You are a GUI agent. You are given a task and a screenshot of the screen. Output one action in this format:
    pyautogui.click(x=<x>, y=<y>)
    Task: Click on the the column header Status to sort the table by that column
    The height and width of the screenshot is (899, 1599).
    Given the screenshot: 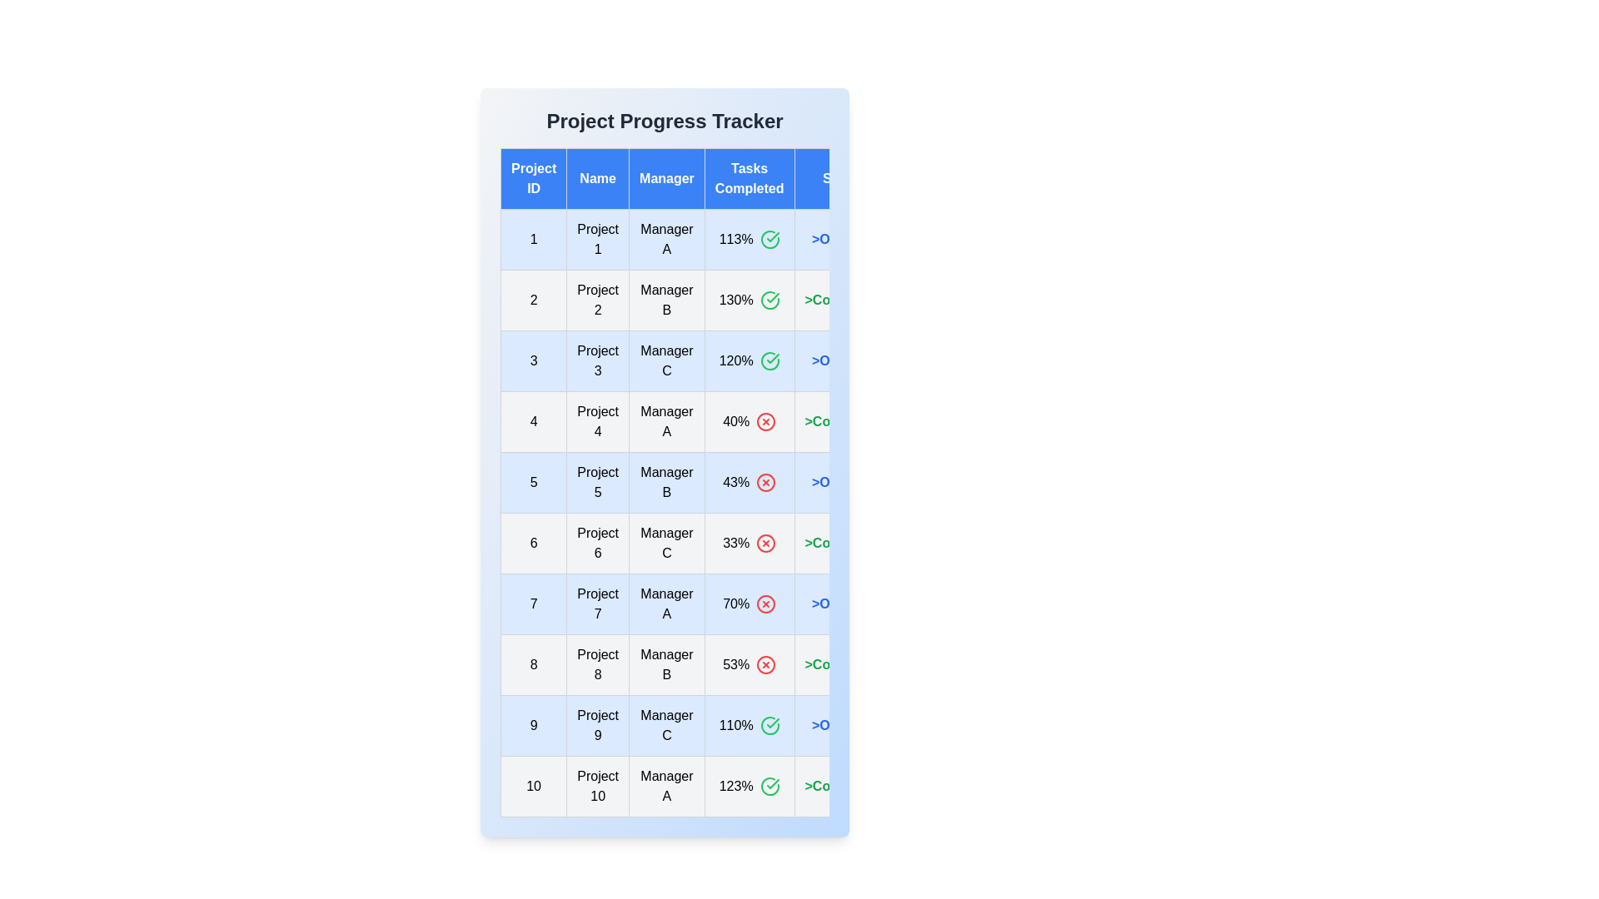 What is the action you would take?
    pyautogui.click(x=843, y=179)
    